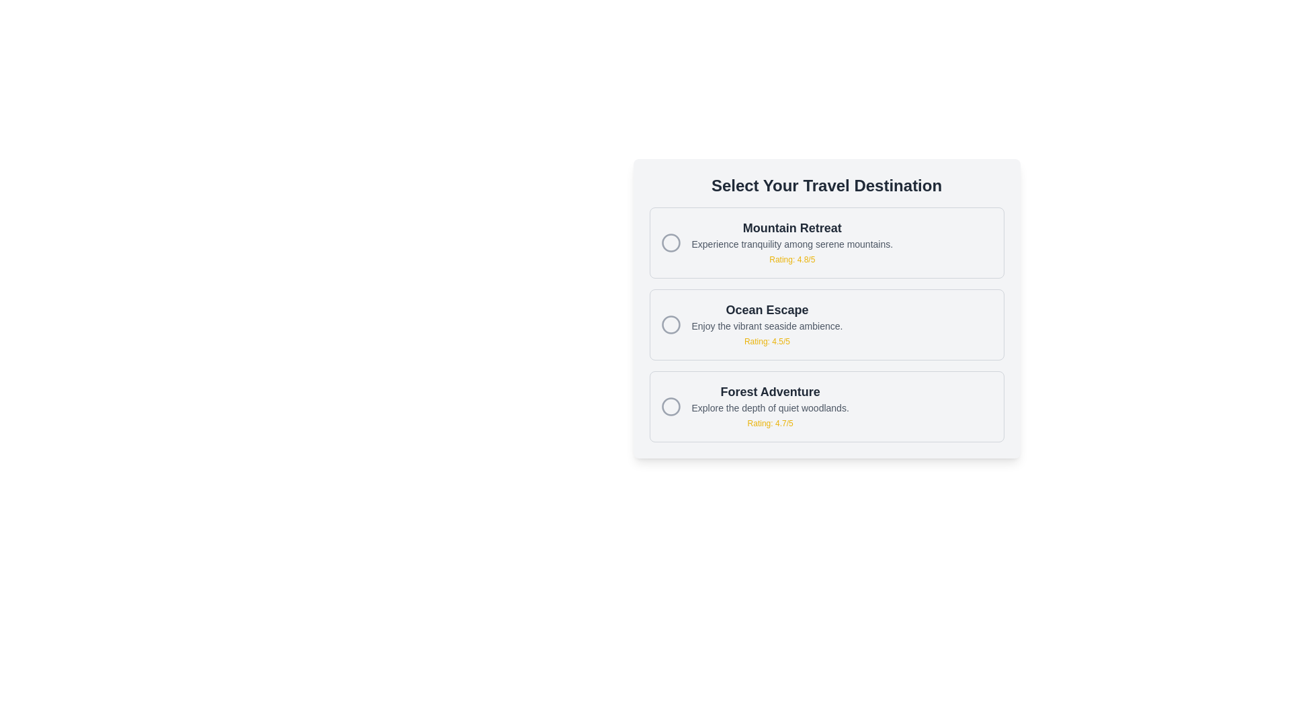 This screenshot has width=1290, height=725. What do you see at coordinates (671, 324) in the screenshot?
I see `the circular radio button with a gray border located in the middle of the second card labeled 'Ocean Escape'` at bounding box center [671, 324].